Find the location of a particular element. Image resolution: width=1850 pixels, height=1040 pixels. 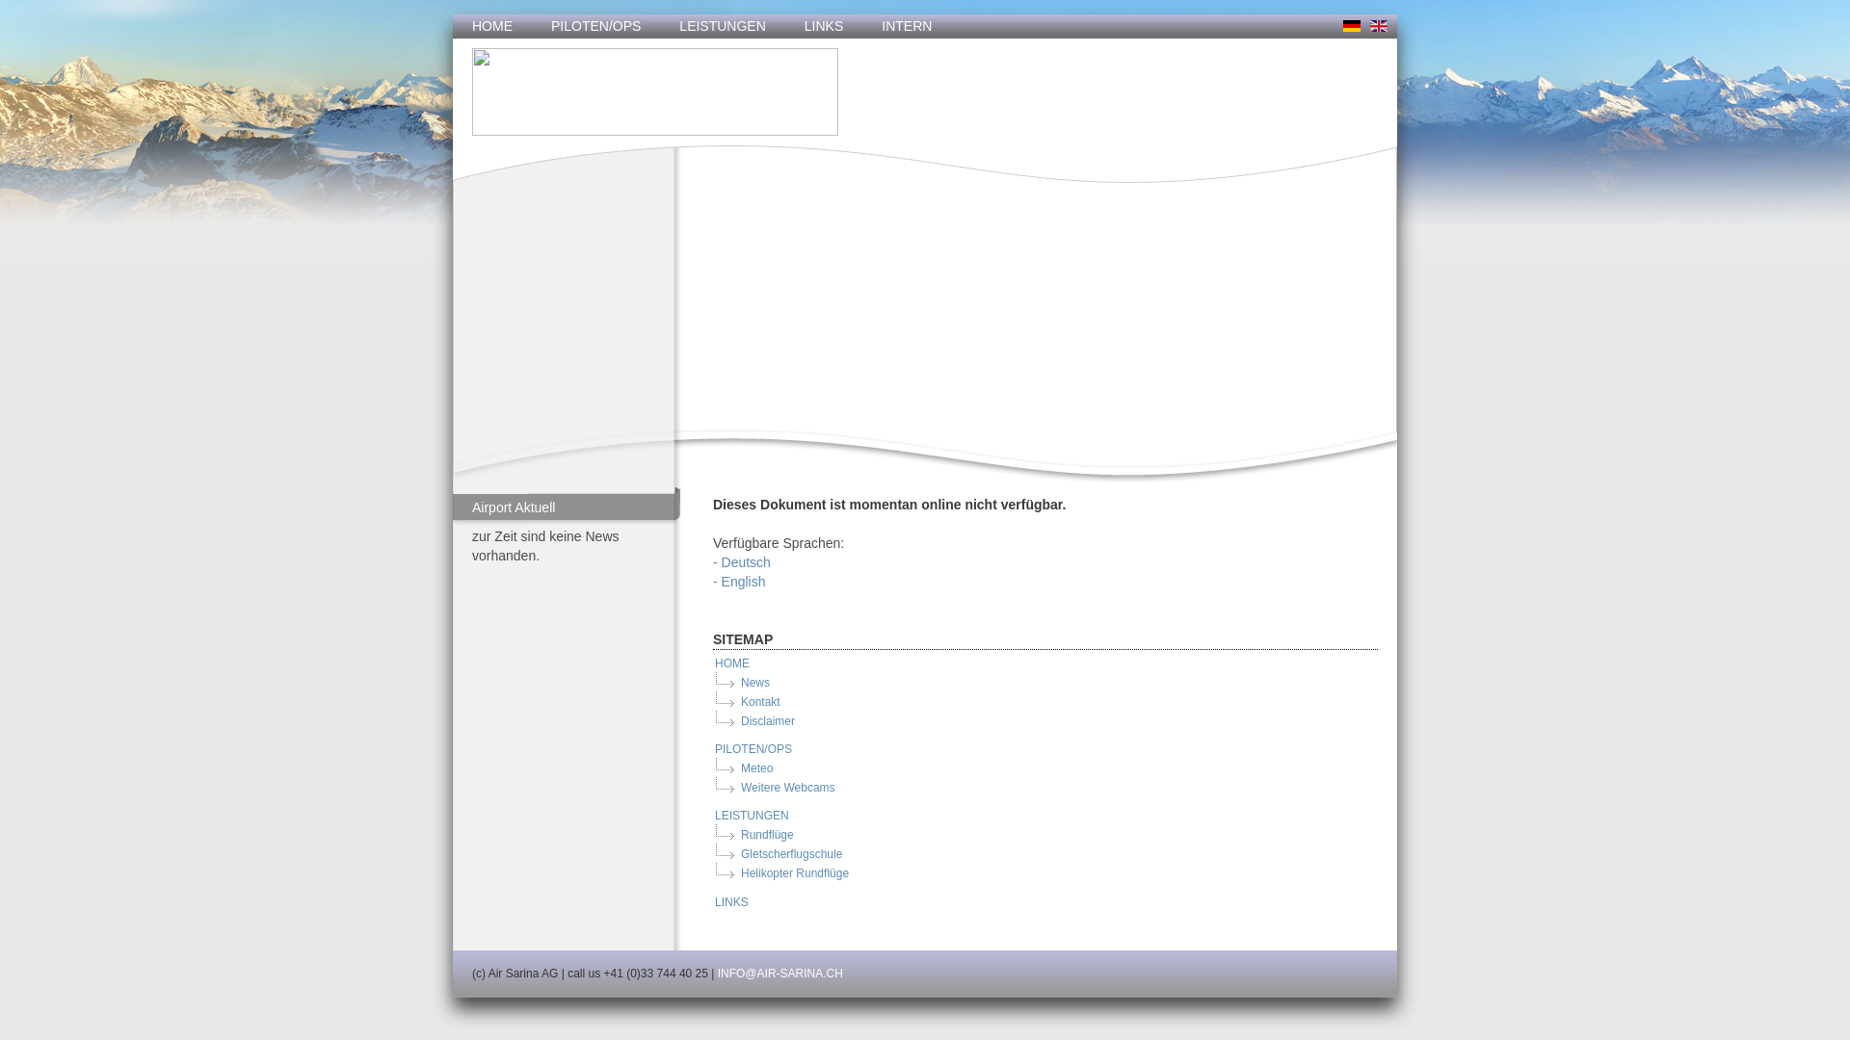

'- Deutsch' is located at coordinates (740, 561).